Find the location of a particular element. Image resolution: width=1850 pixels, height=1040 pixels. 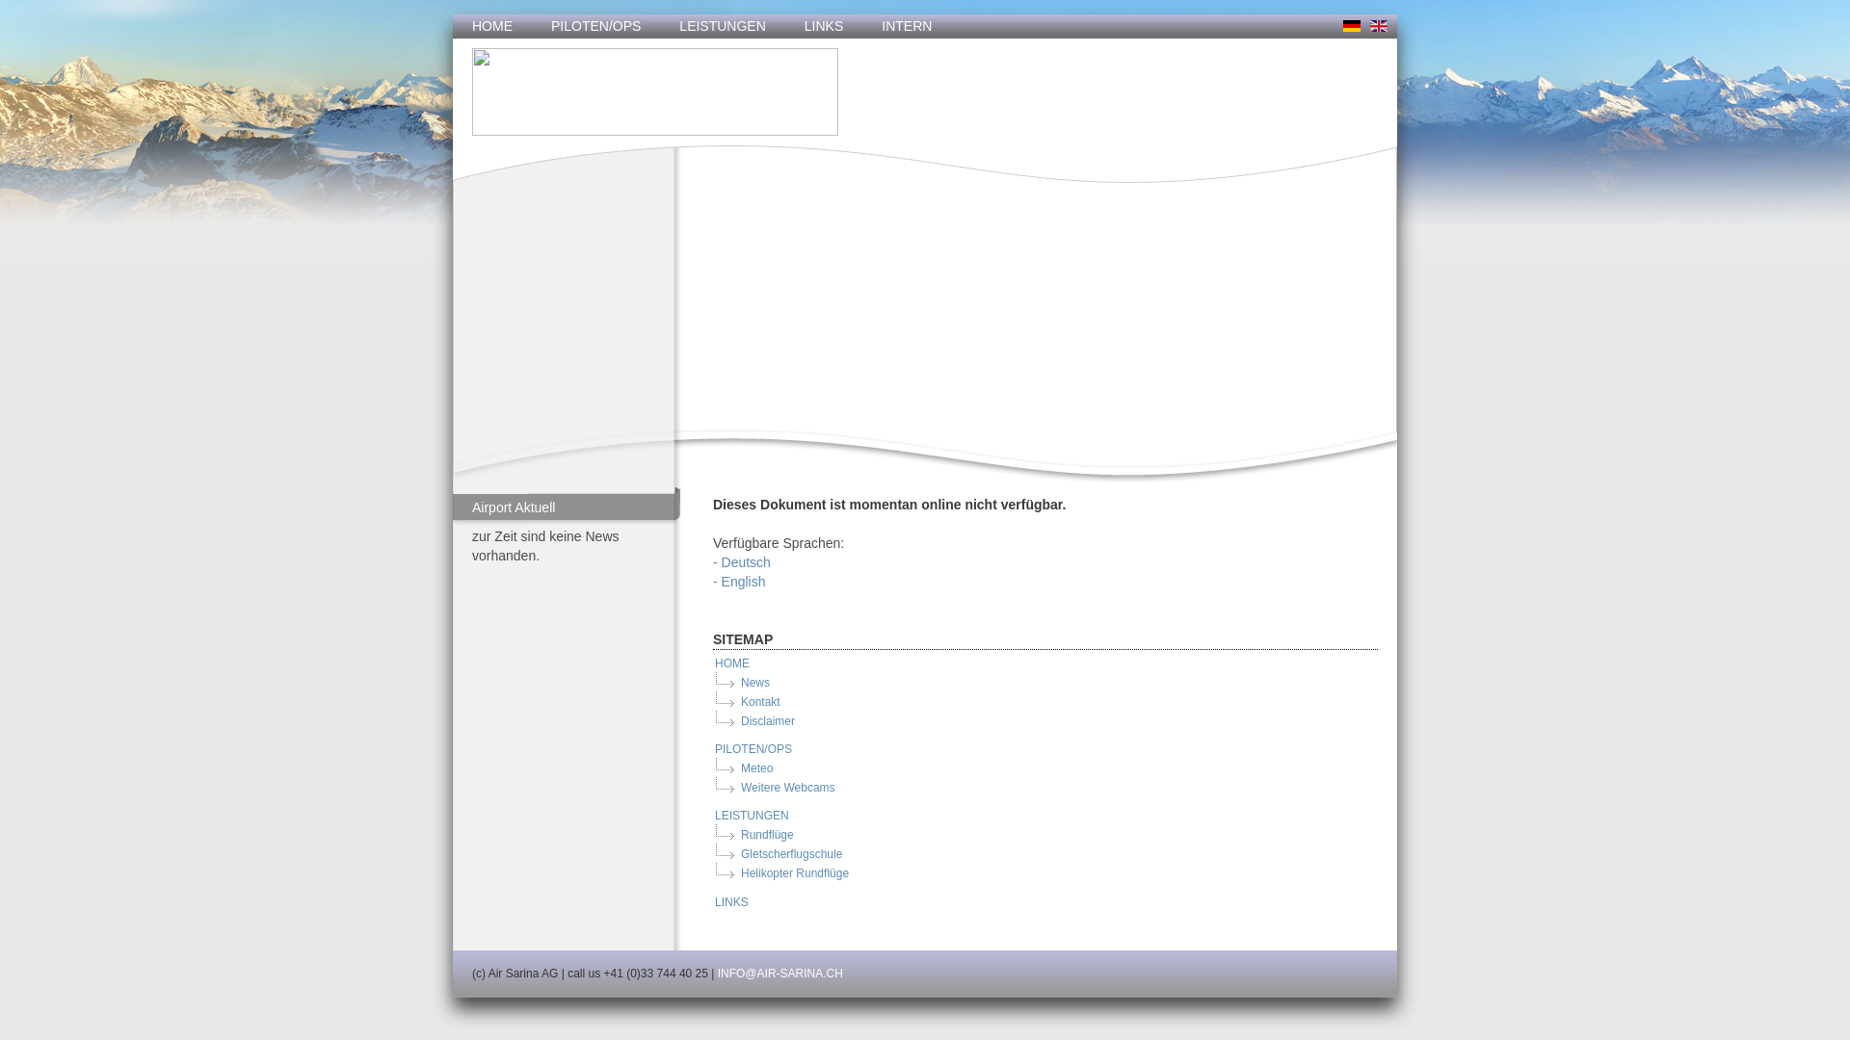

'- Deutsch' is located at coordinates (740, 561).